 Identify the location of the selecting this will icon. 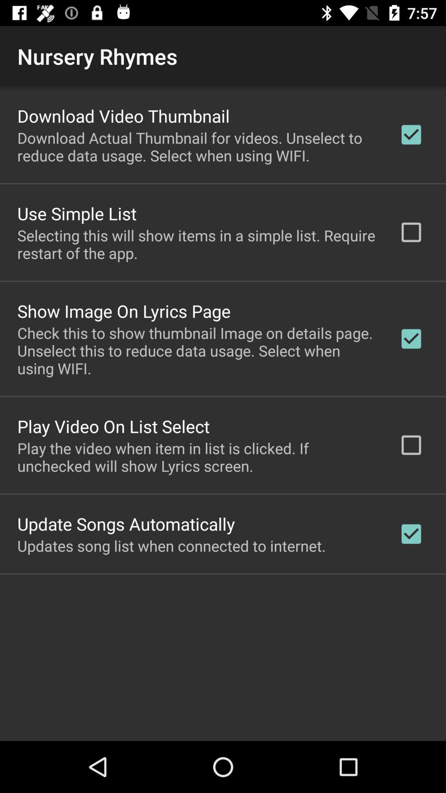
(197, 244).